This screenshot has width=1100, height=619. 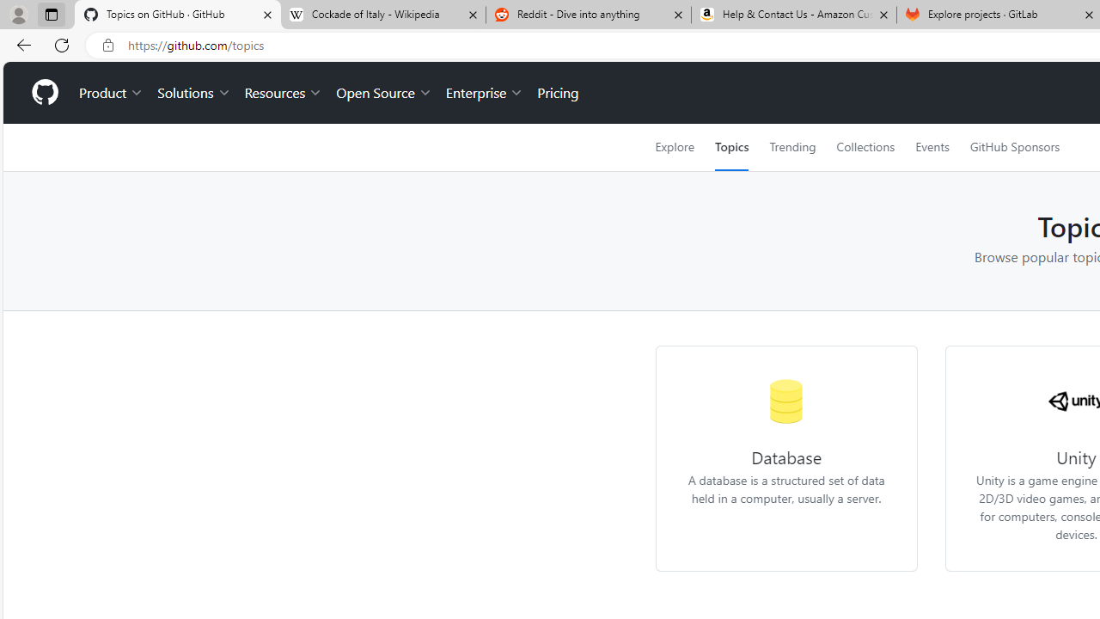 I want to click on 'Enterprise', so click(x=483, y=93).